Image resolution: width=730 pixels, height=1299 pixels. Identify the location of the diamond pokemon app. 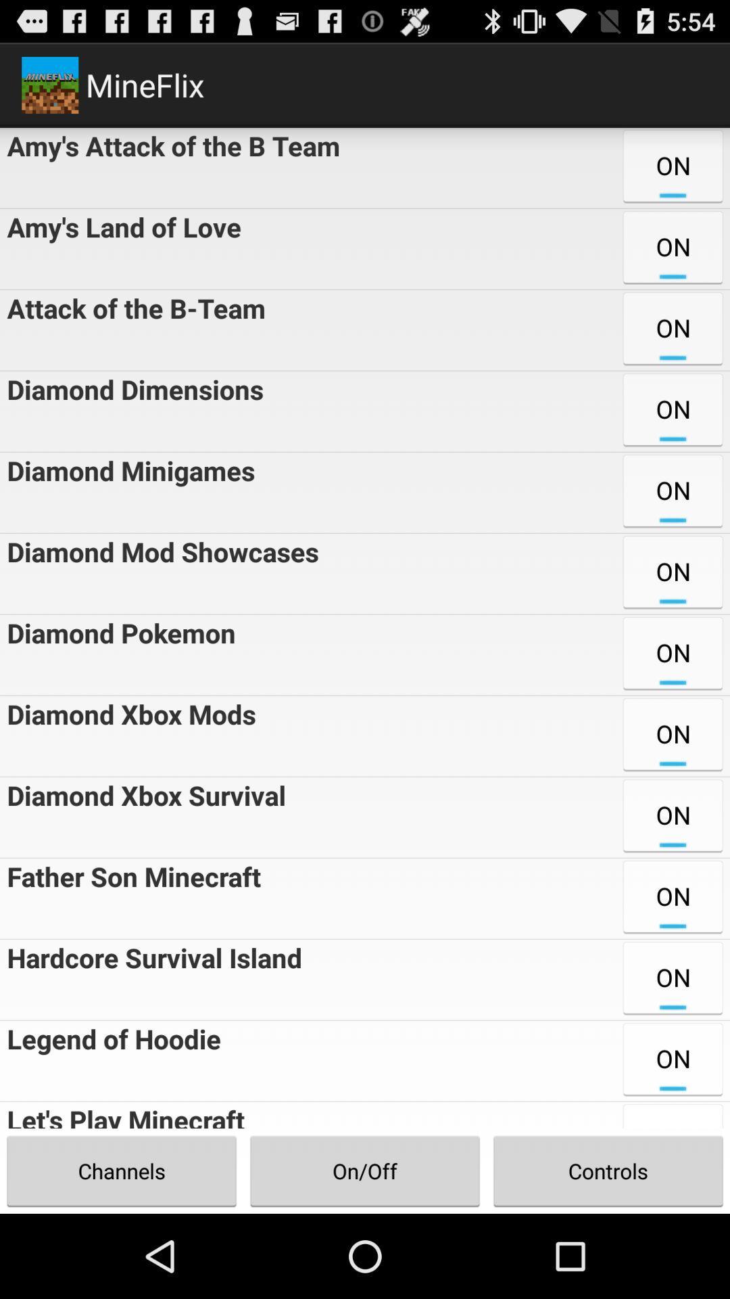
(117, 655).